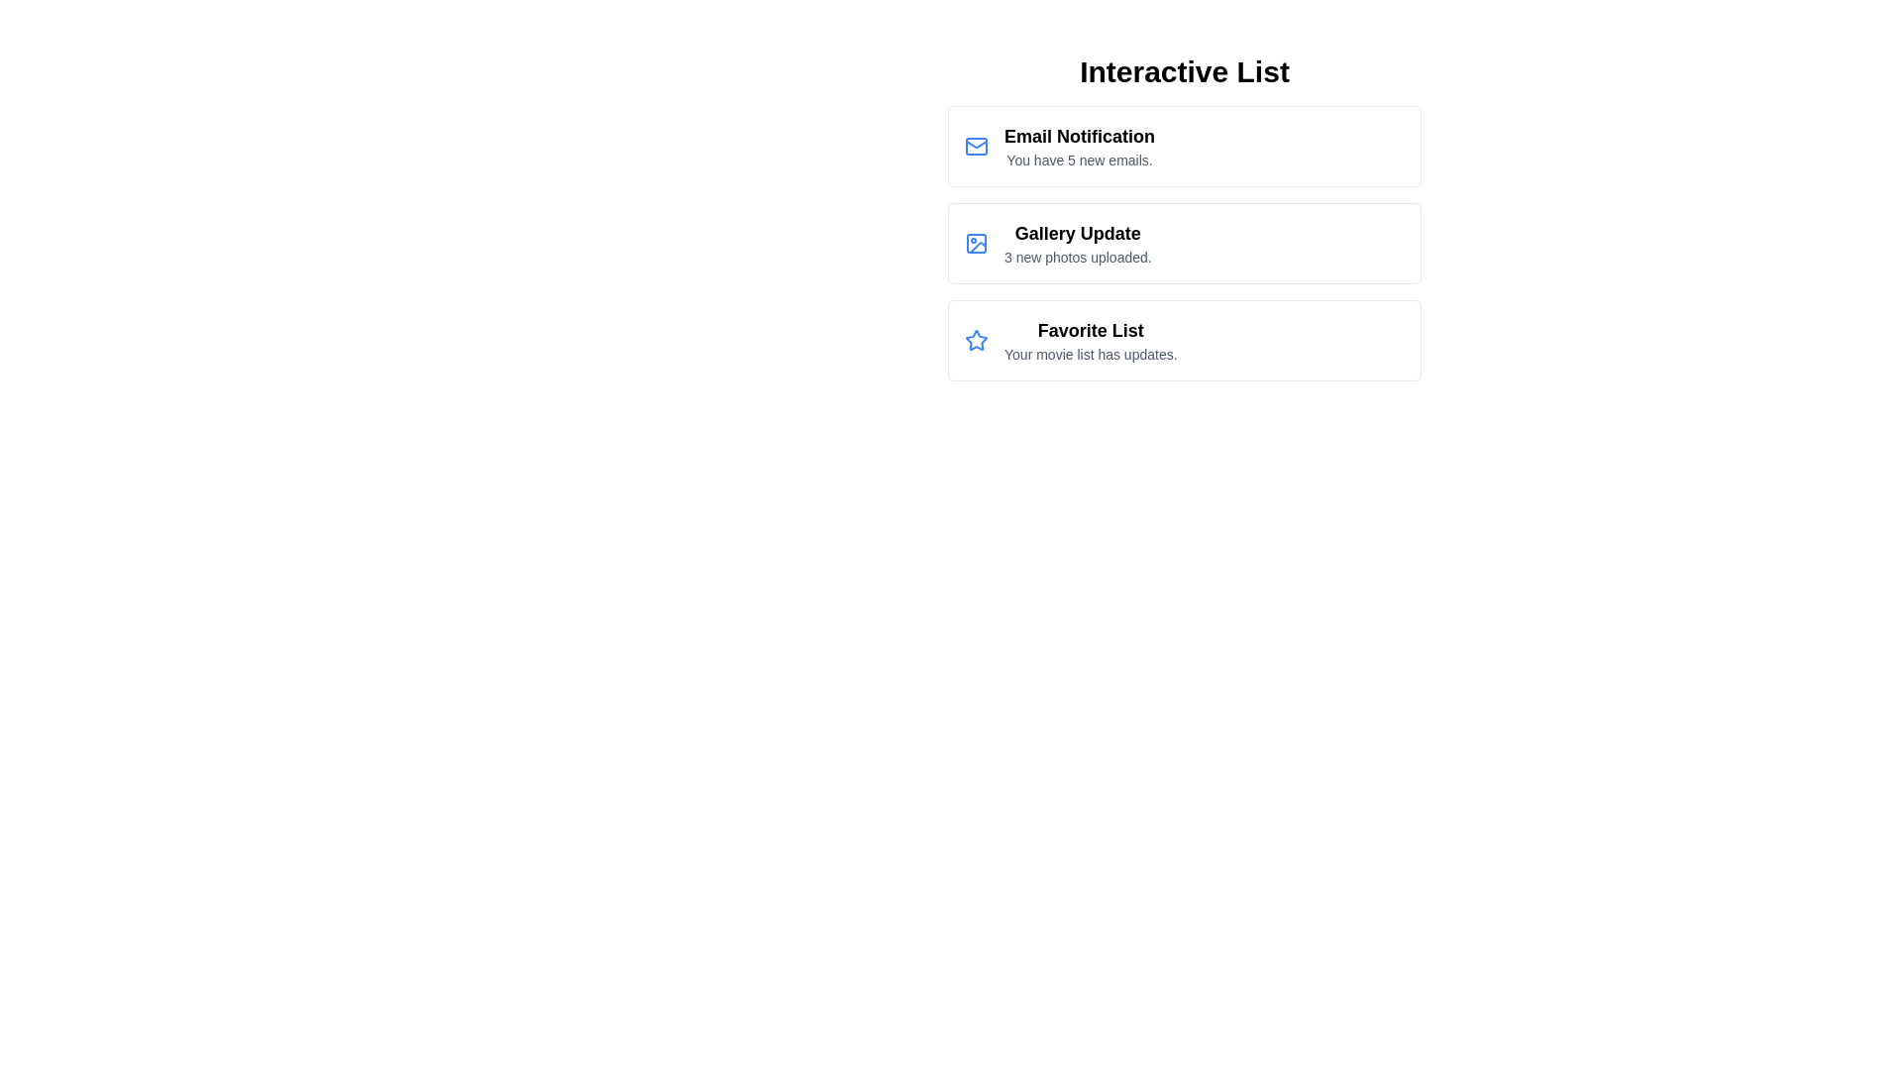 The height and width of the screenshot is (1070, 1902). I want to click on the icon corresponding to Favorite List in the list, so click(976, 339).